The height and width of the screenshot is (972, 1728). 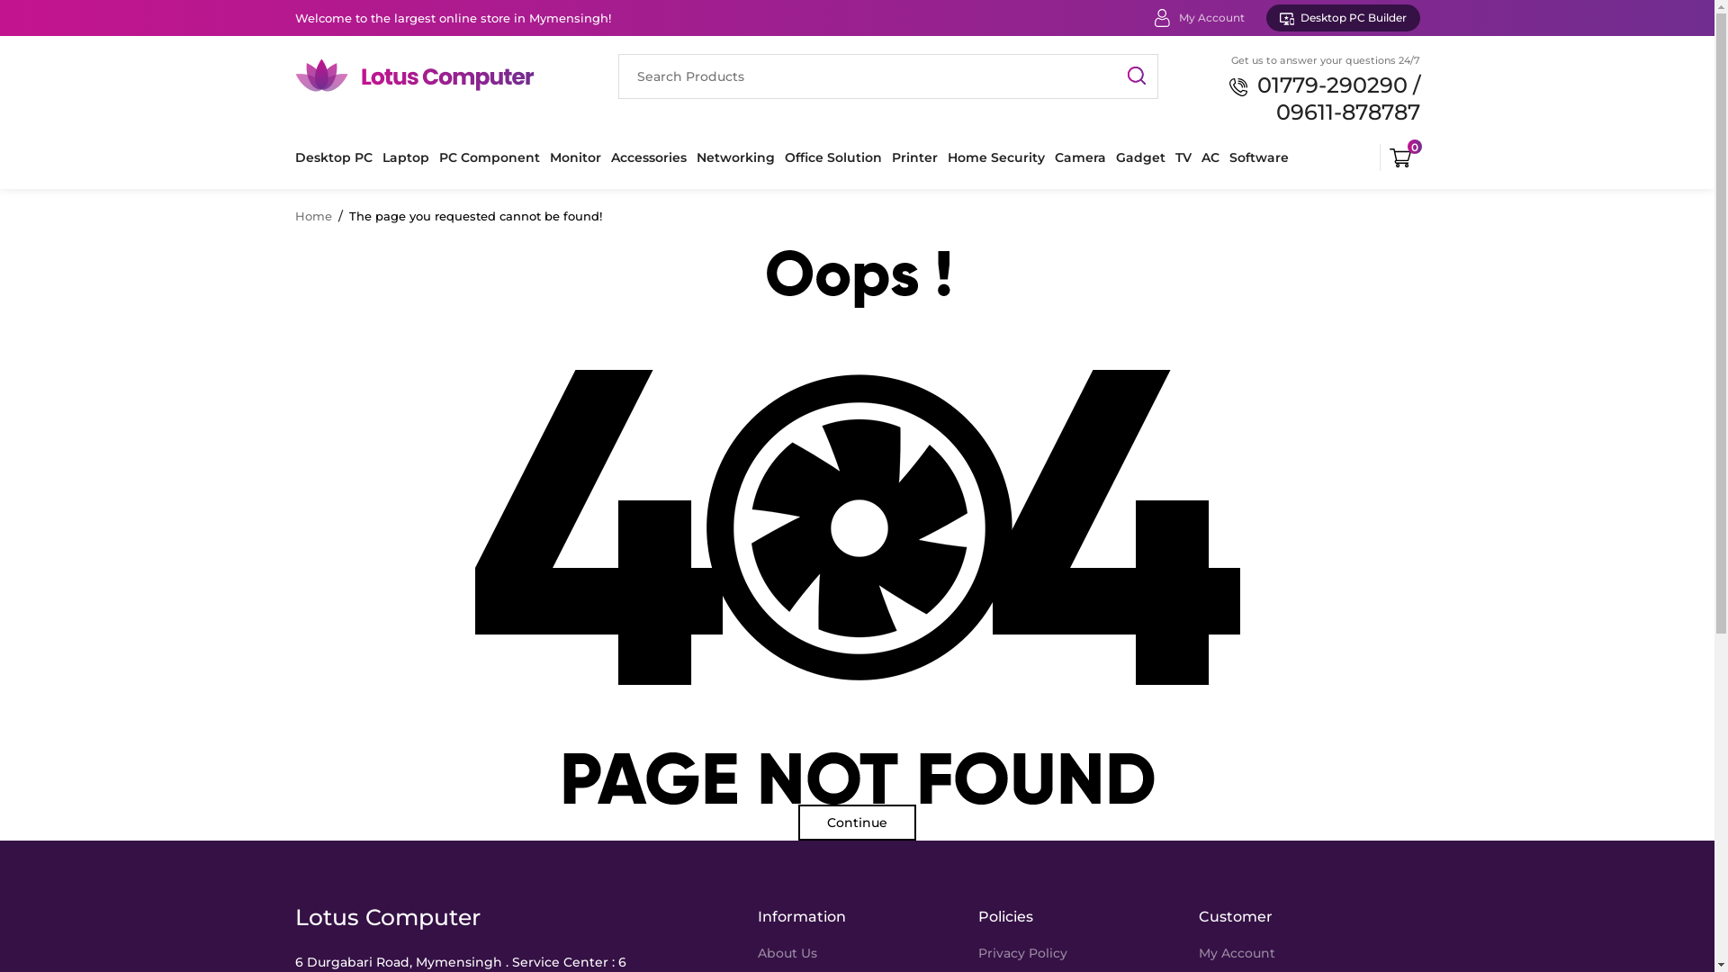 What do you see at coordinates (1342, 17) in the screenshot?
I see `'Desktop PC Builder'` at bounding box center [1342, 17].